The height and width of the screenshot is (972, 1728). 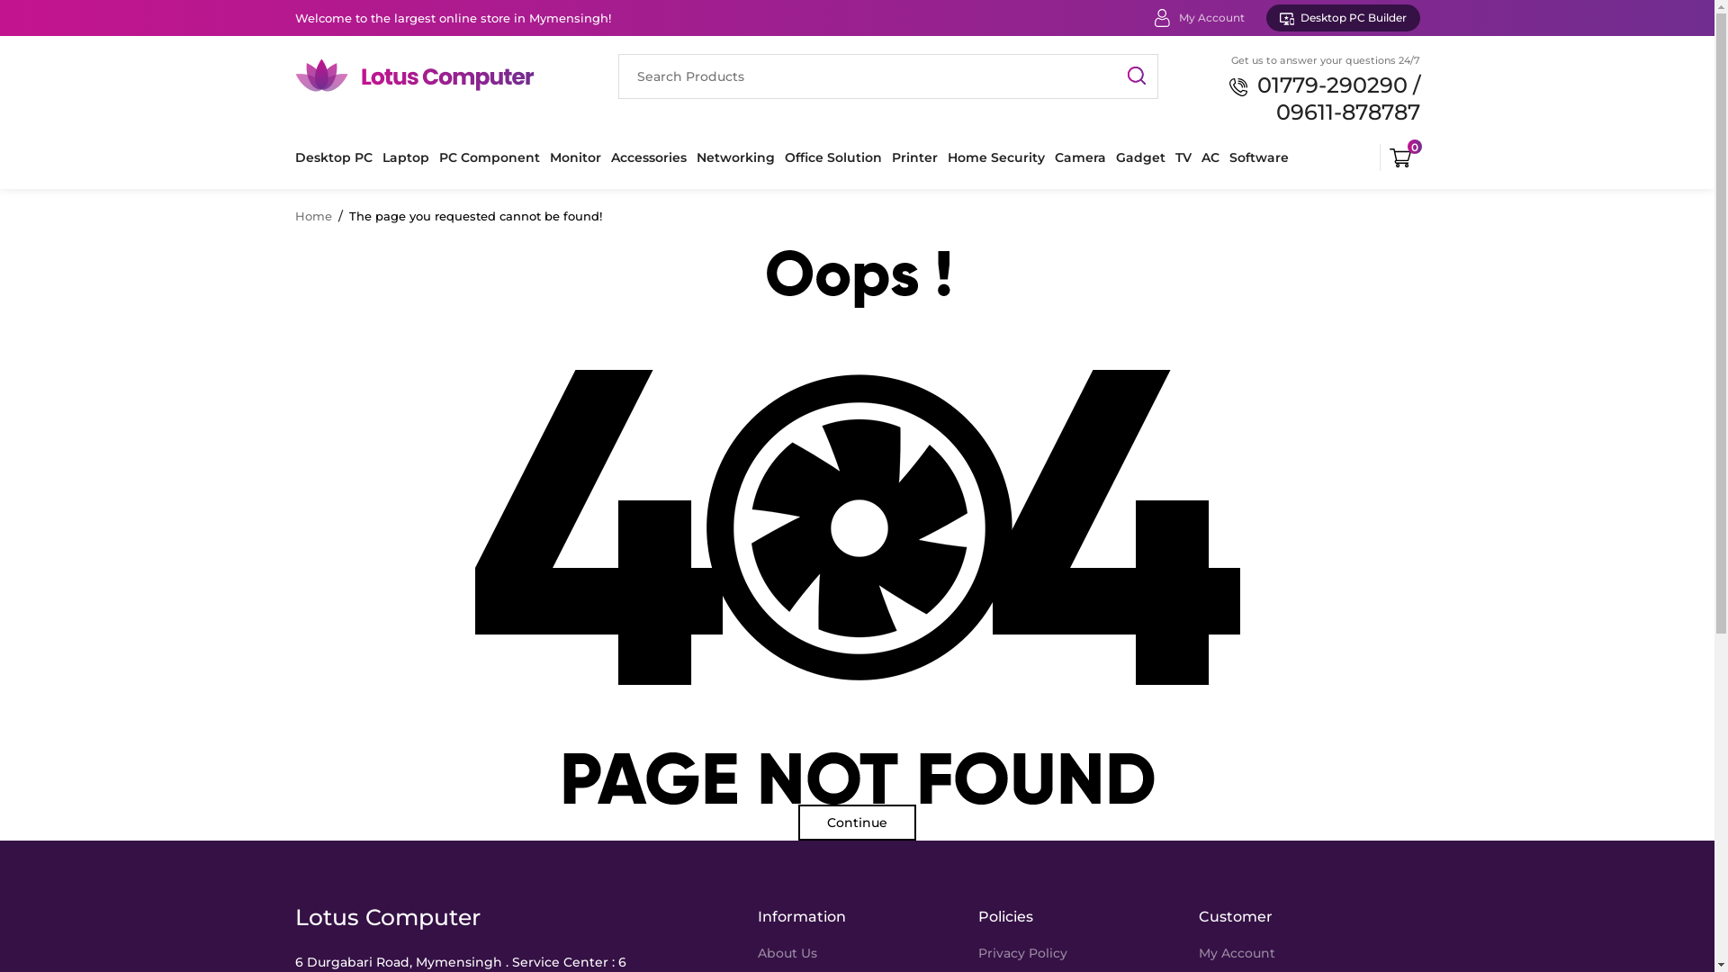 What do you see at coordinates (1342, 17) in the screenshot?
I see `'Desktop PC Builder'` at bounding box center [1342, 17].